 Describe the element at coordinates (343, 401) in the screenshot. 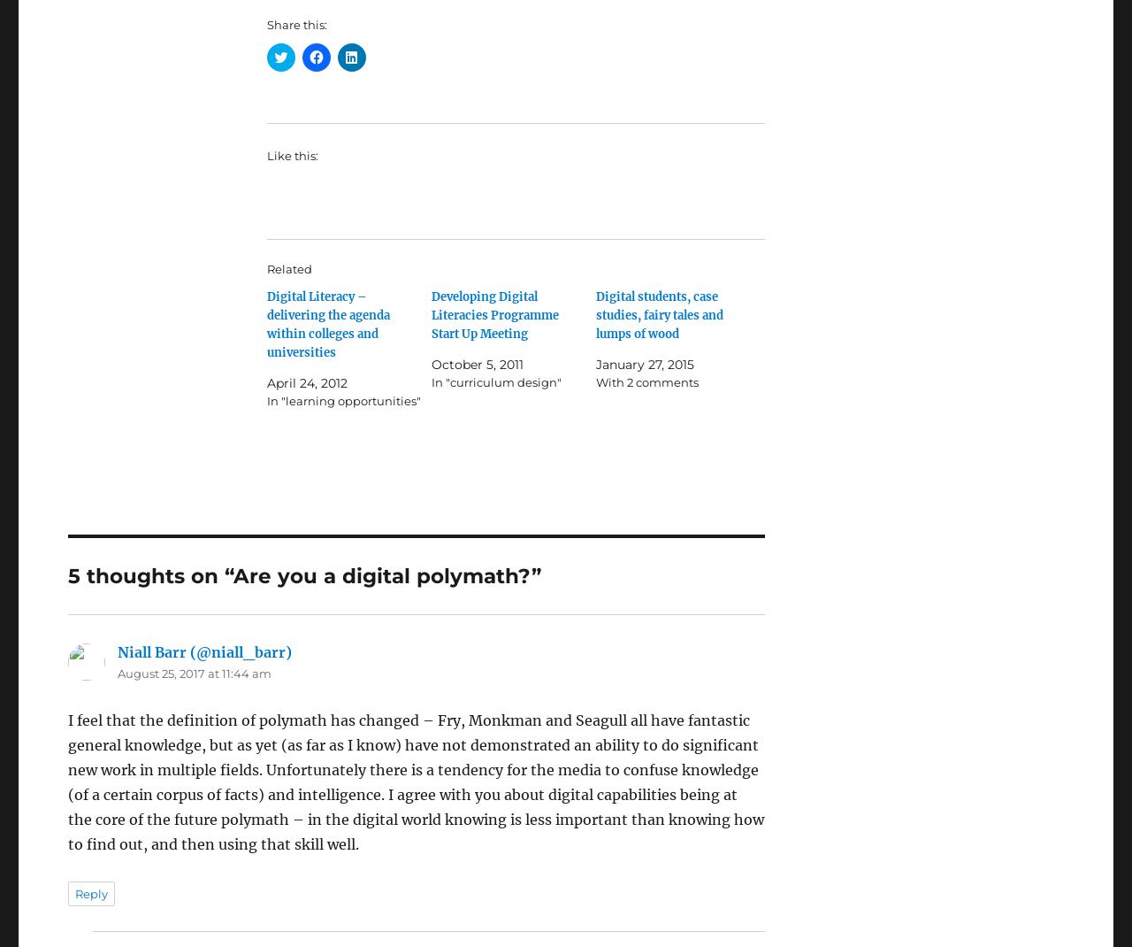

I see `'In "learning opportunities"'` at that location.